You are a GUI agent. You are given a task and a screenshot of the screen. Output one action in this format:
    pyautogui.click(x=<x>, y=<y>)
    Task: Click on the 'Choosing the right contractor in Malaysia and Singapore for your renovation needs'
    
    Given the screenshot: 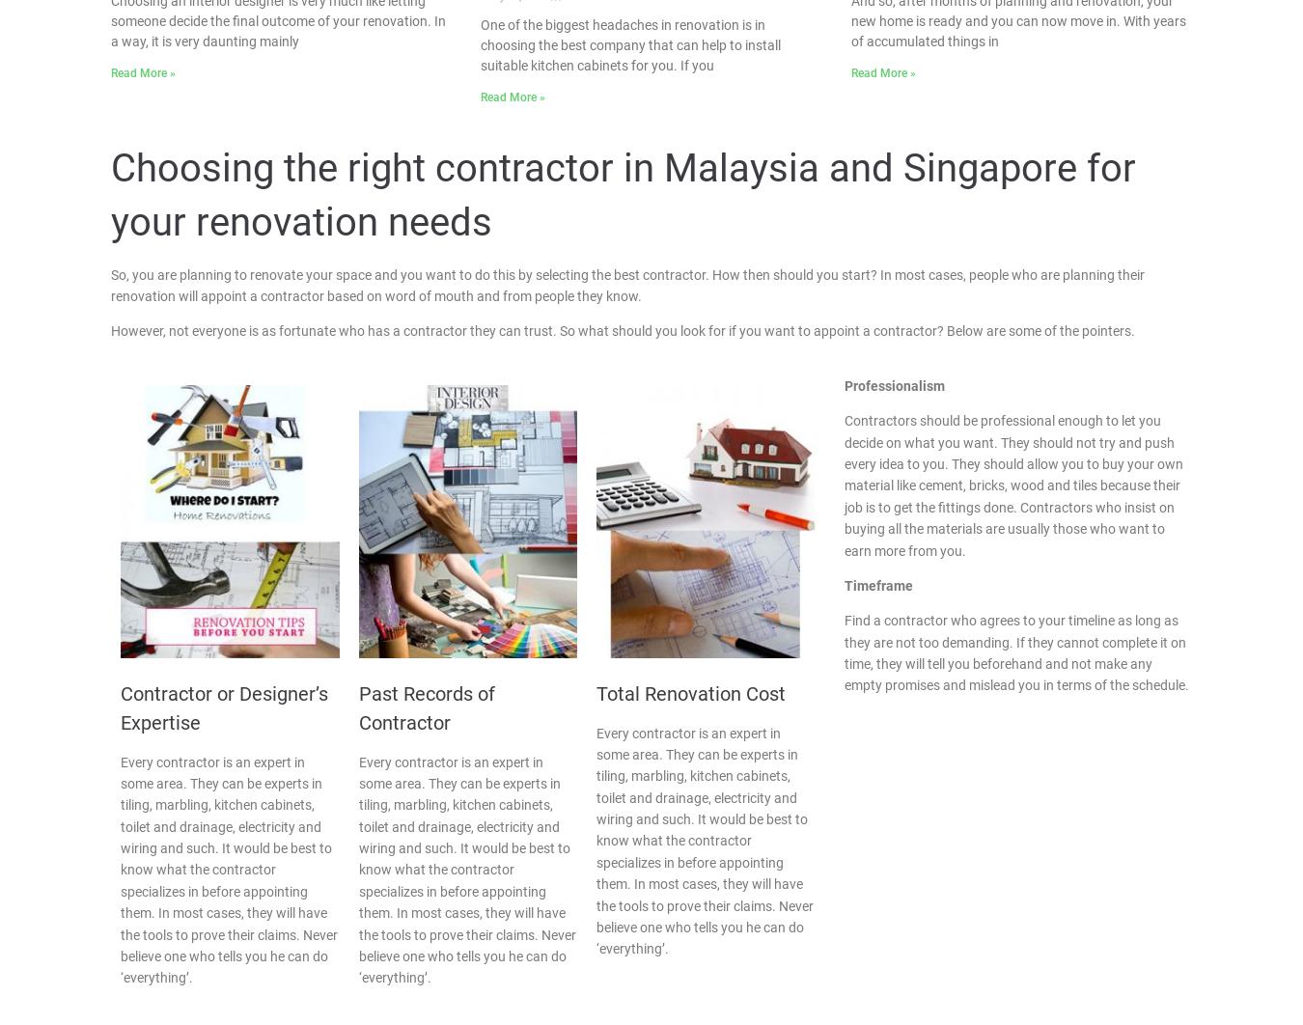 What is the action you would take?
    pyautogui.click(x=623, y=194)
    